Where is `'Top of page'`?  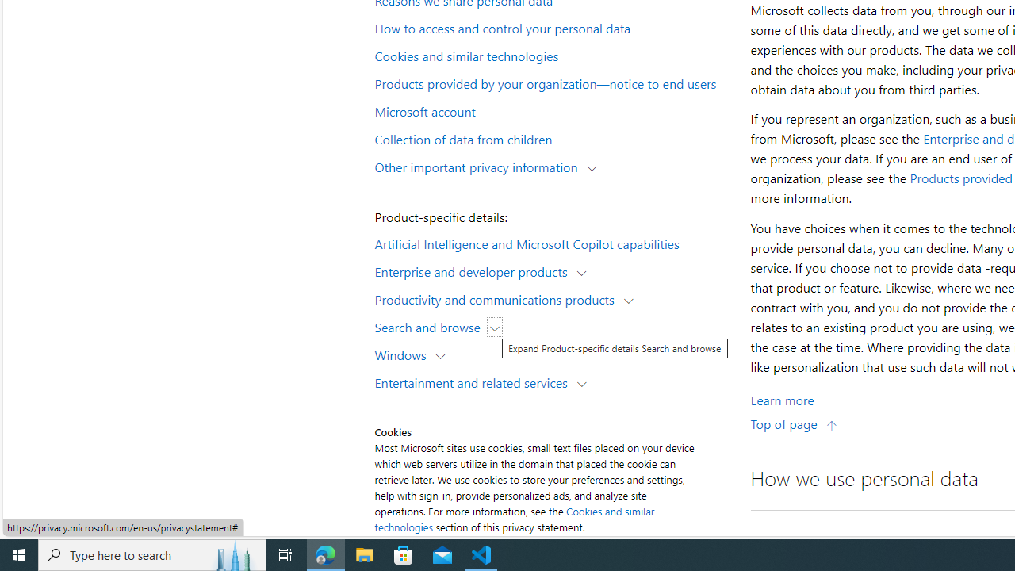
'Top of page' is located at coordinates (794, 423).